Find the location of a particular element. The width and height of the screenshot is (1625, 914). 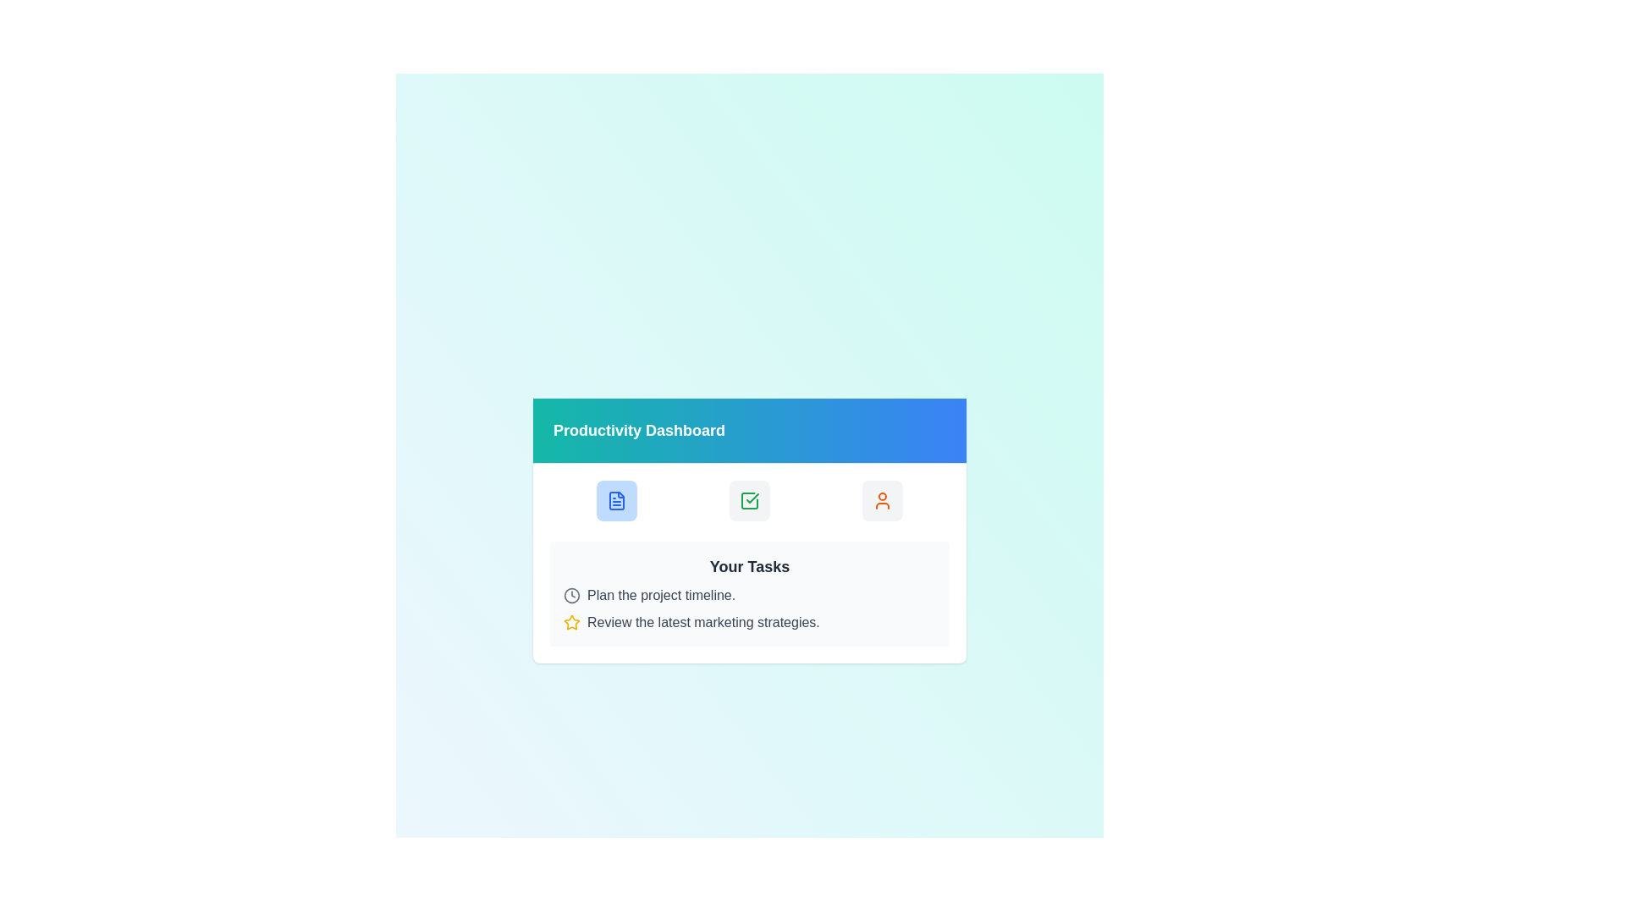

the second button of the Menu Bar, which is located below the 'Productivity Dashboard' header and features a checkmark icon is located at coordinates (749, 498).